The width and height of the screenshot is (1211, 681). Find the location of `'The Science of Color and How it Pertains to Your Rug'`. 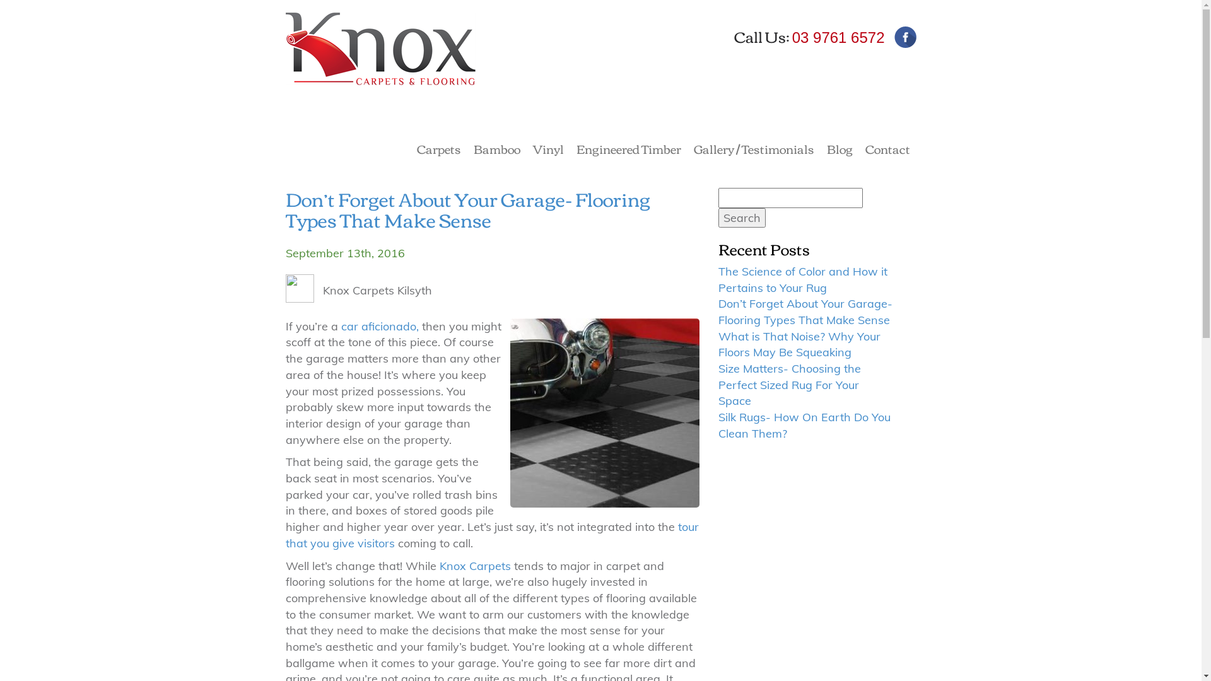

'The Science of Color and How it Pertains to Your Rug' is located at coordinates (718, 279).